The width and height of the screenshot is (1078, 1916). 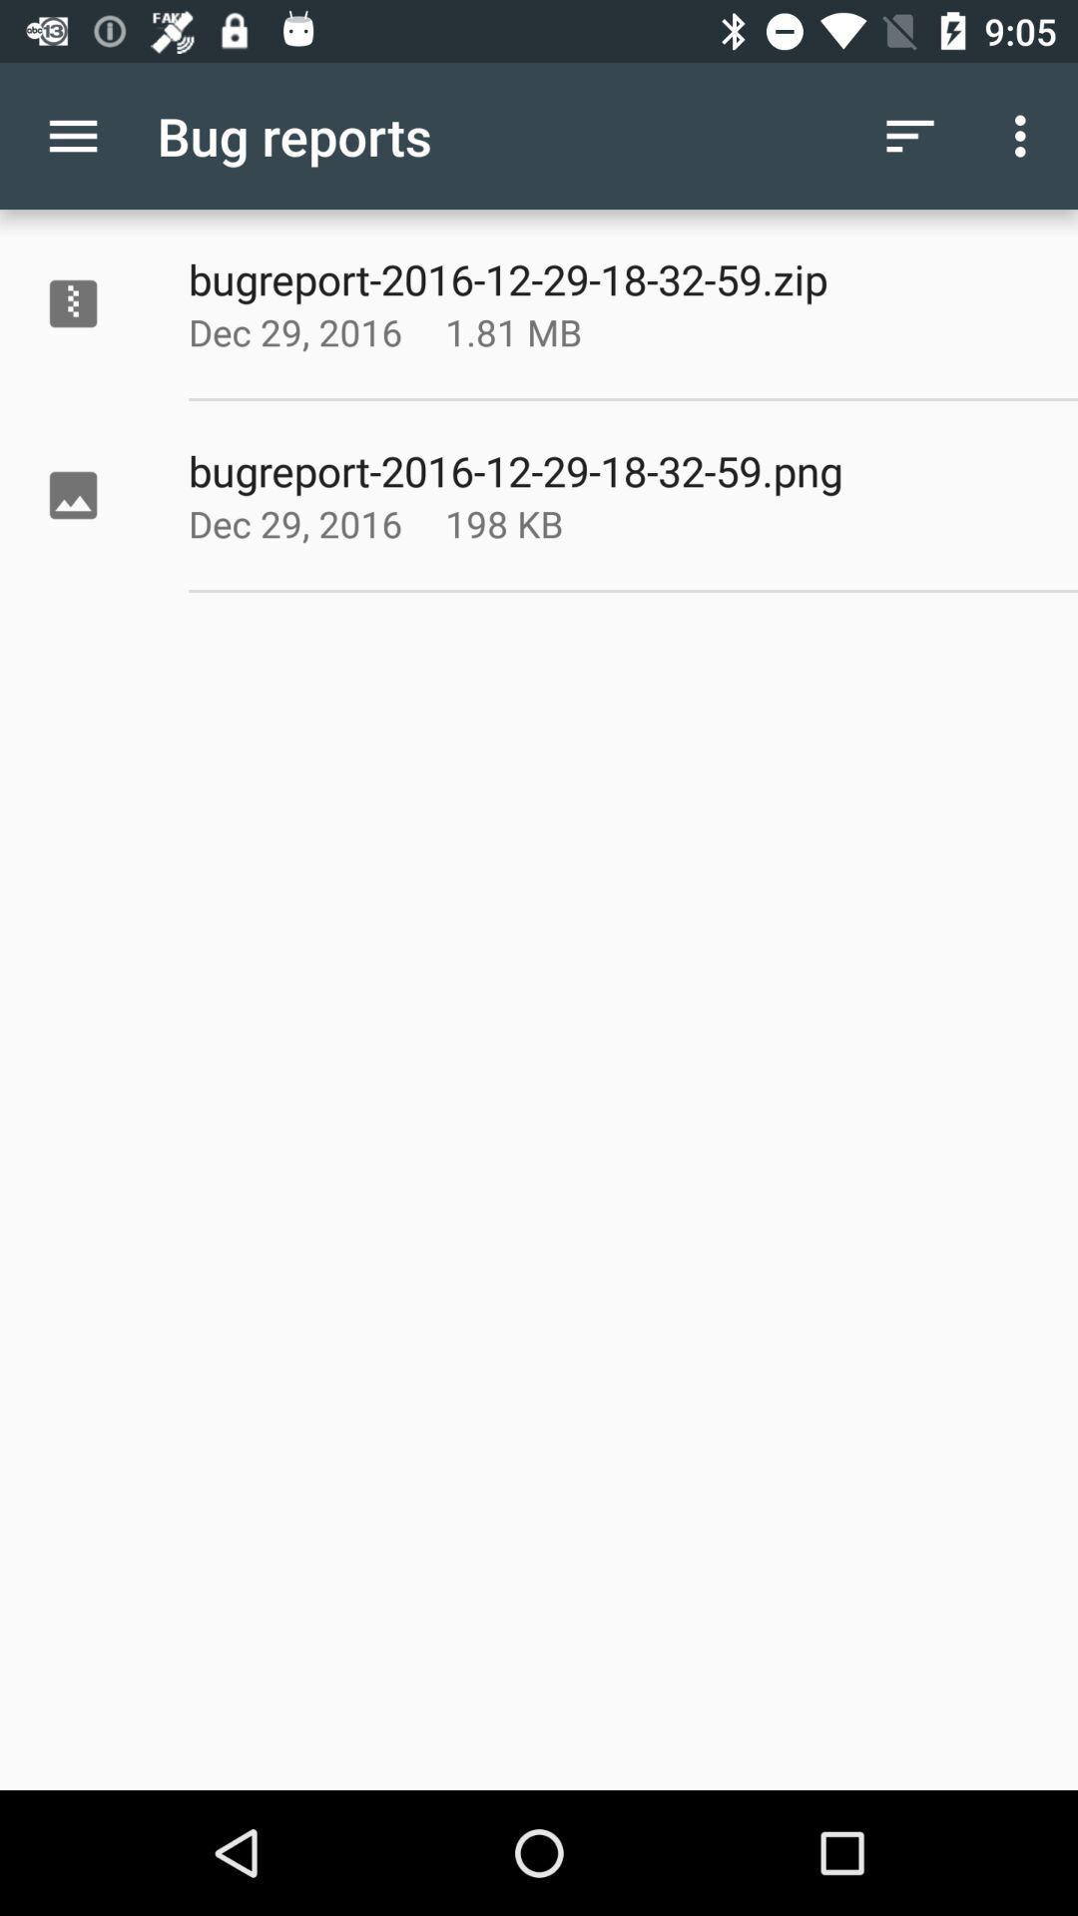 I want to click on 1.81 mb app, so click(x=563, y=331).